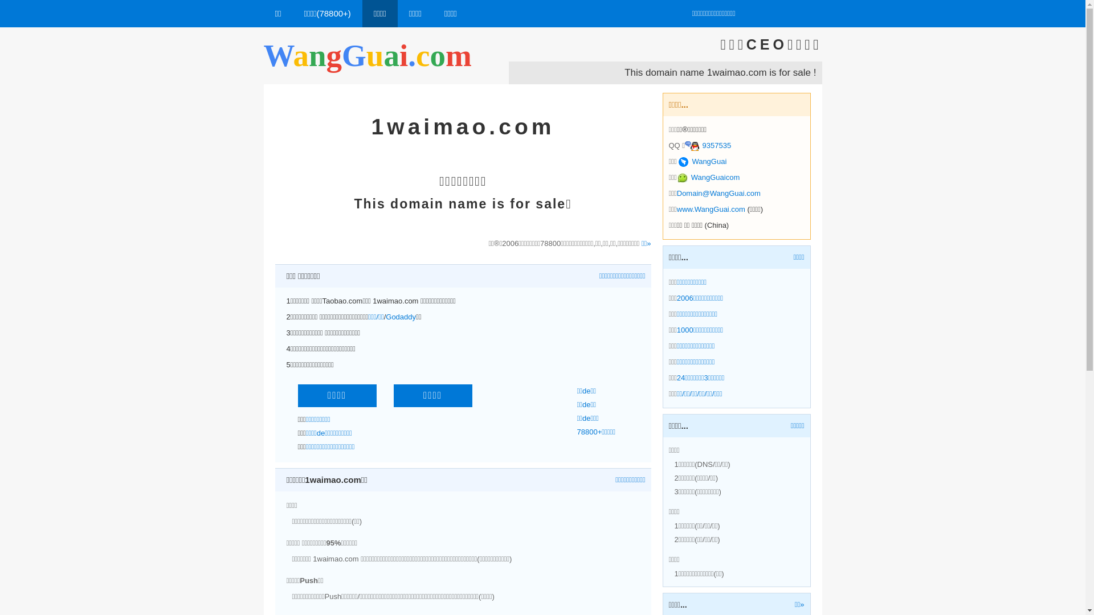 The width and height of the screenshot is (1094, 615). What do you see at coordinates (401, 317) in the screenshot?
I see `'Godaddy'` at bounding box center [401, 317].